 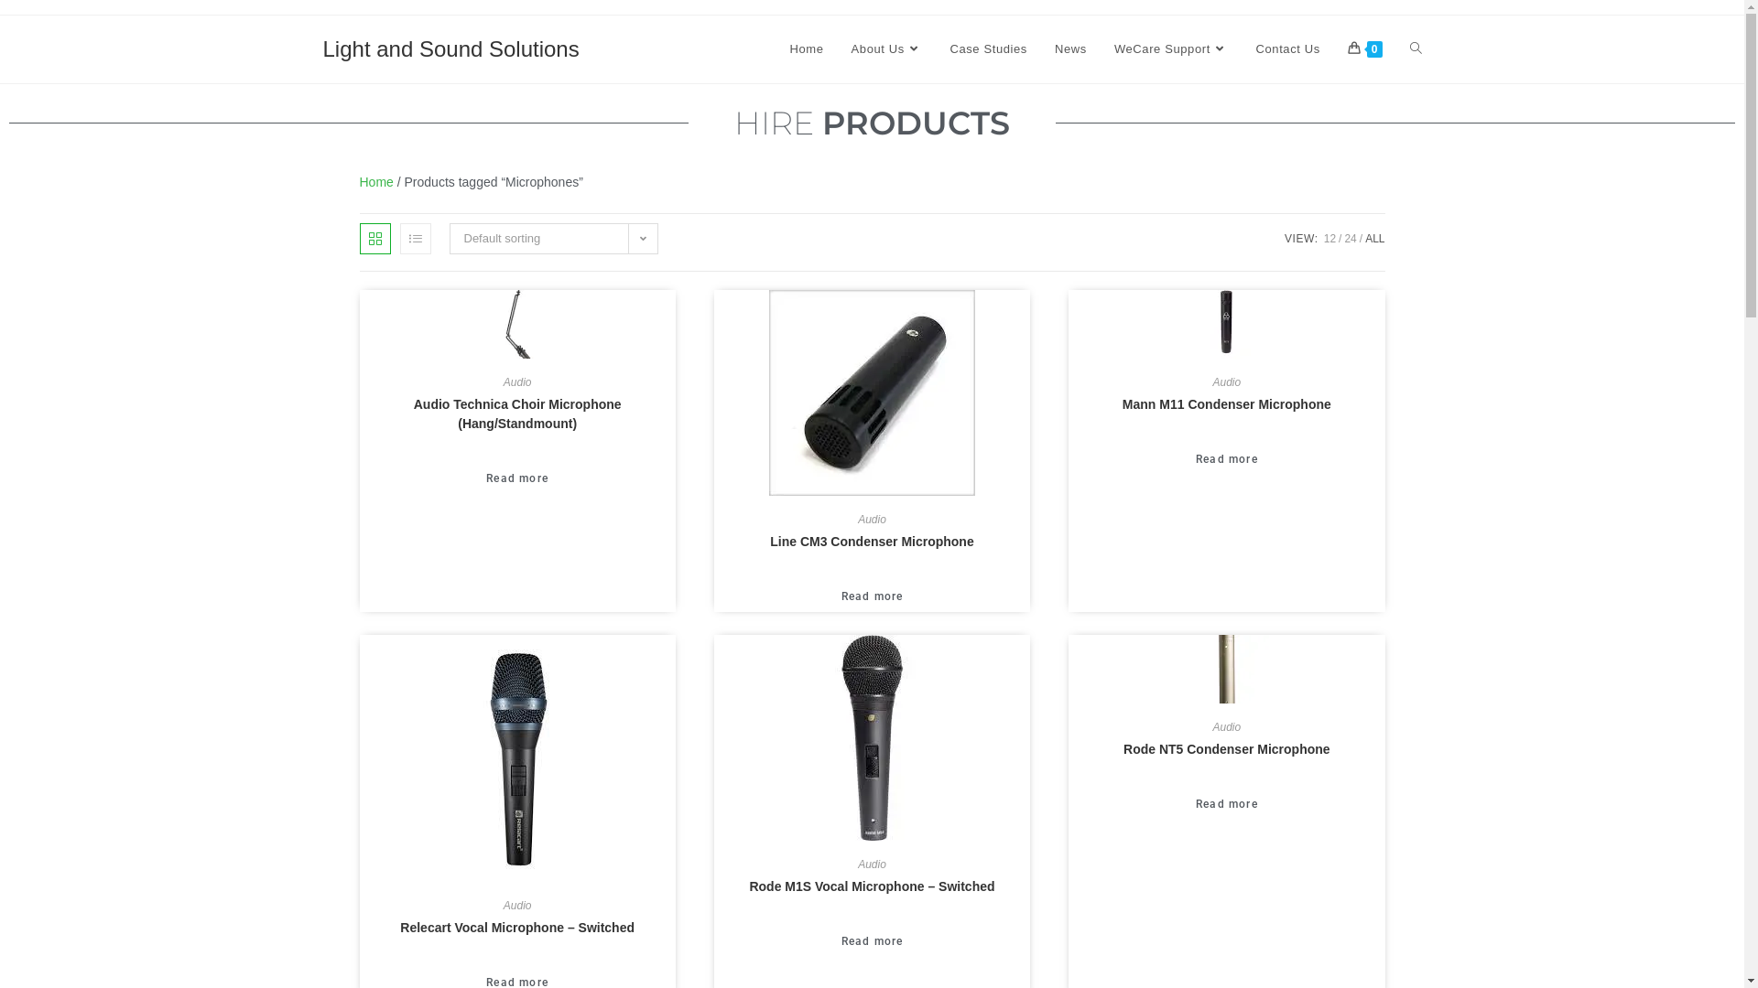 I want to click on '24', so click(x=1350, y=238).